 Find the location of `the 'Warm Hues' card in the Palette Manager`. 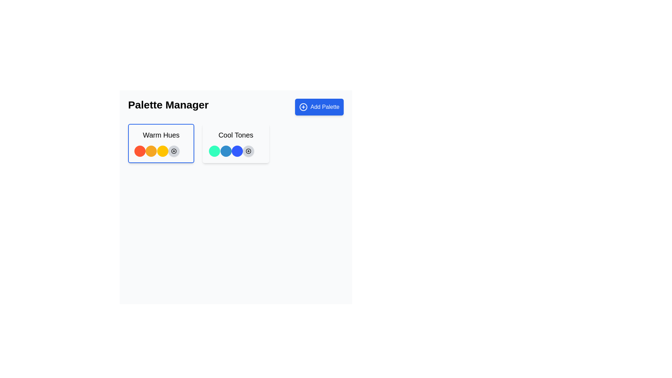

the 'Warm Hues' card in the Palette Manager is located at coordinates (161, 143).